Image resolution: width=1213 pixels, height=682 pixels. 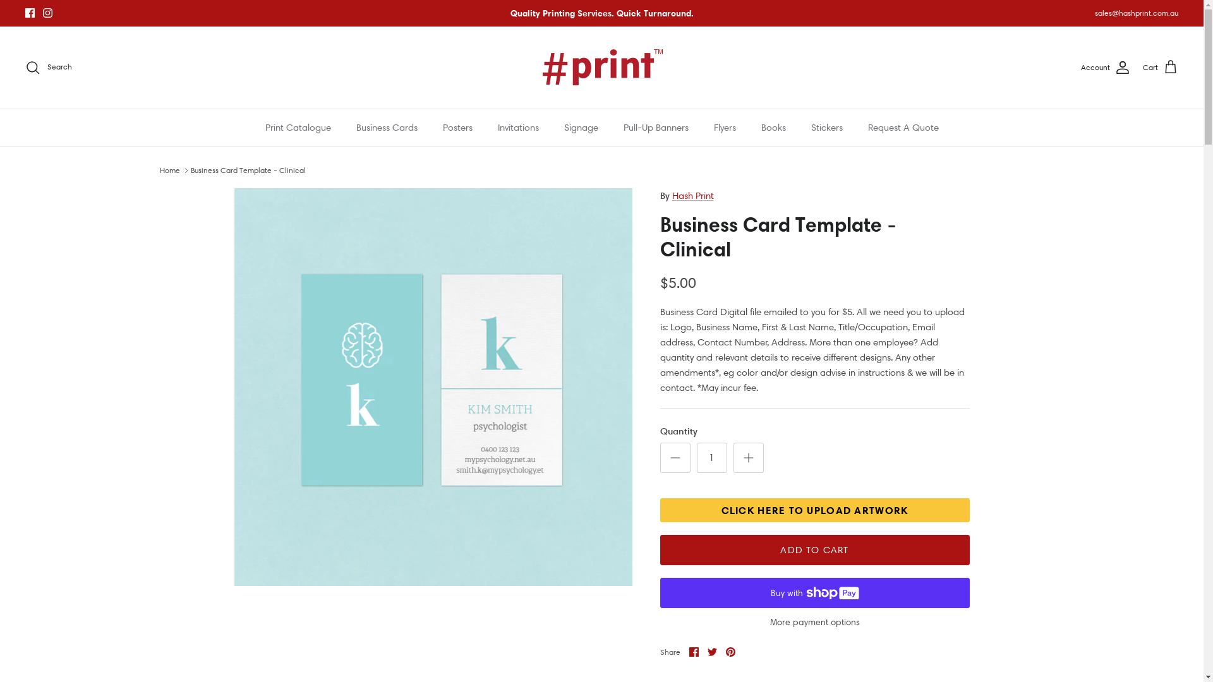 What do you see at coordinates (1105, 68) in the screenshot?
I see `'Account'` at bounding box center [1105, 68].